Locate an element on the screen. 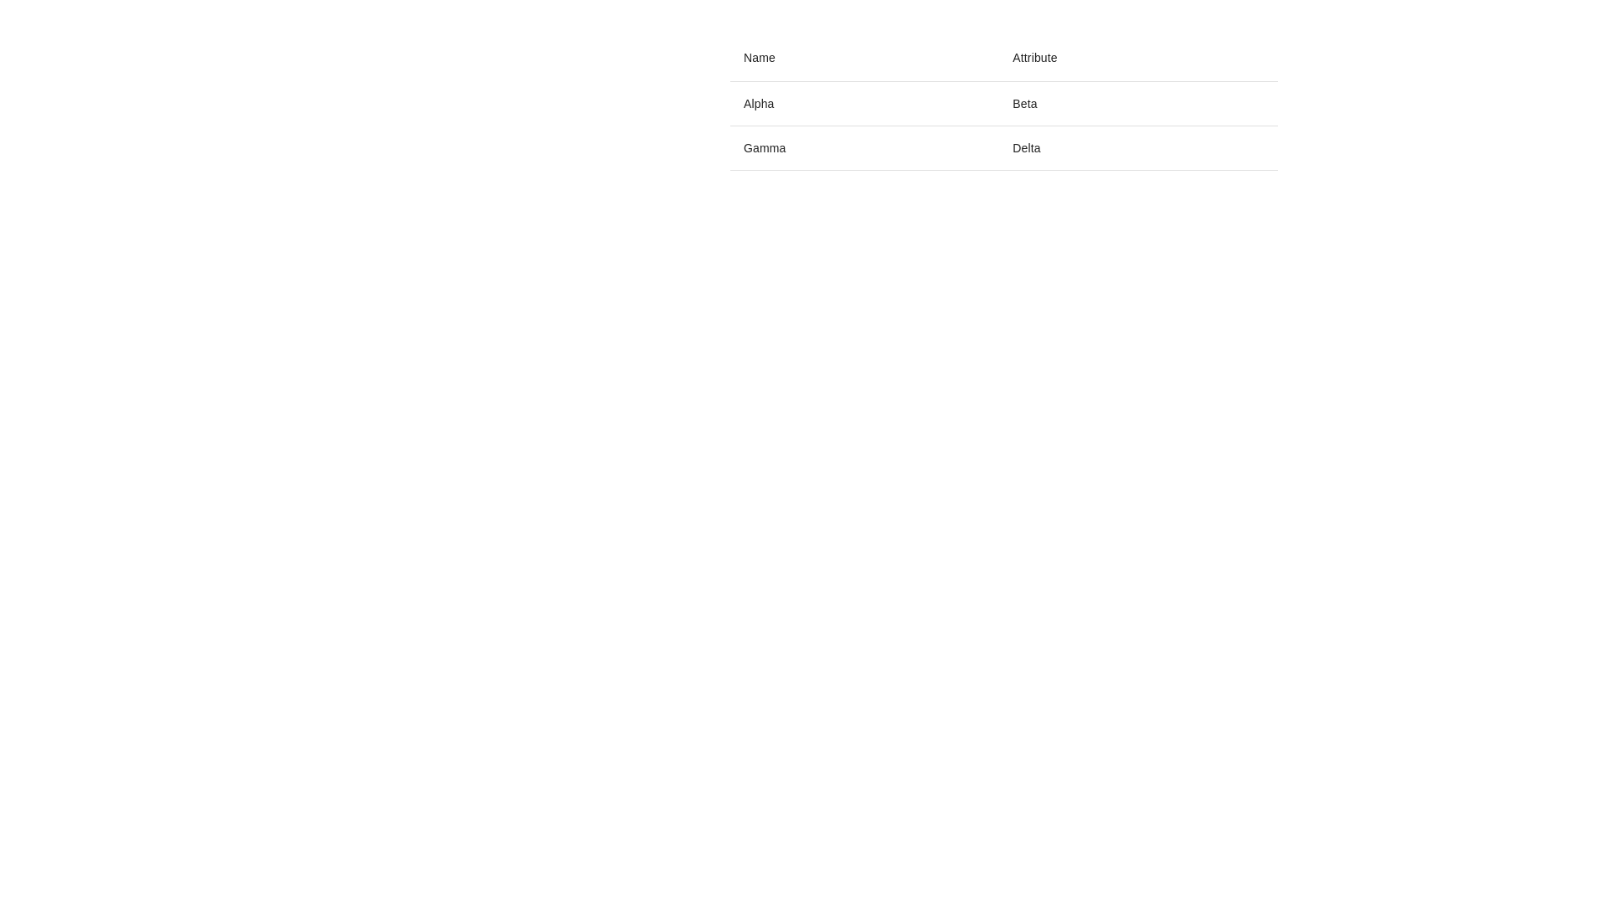  the table cell containing the text 'Beta' located in the second row under the 'Attribute' column to interact with it is located at coordinates (1004, 102).